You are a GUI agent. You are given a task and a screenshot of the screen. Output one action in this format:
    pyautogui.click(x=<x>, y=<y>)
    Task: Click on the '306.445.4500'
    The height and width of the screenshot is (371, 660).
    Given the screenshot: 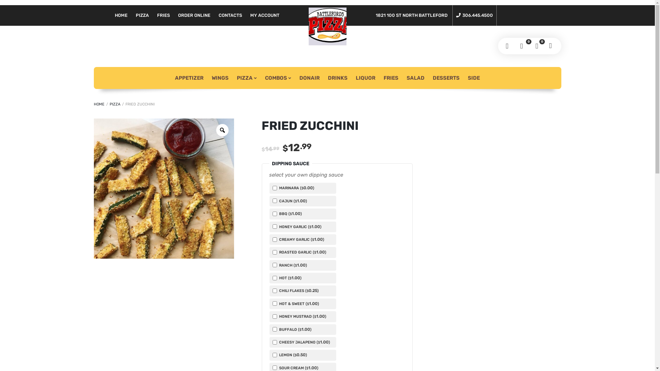 What is the action you would take?
    pyautogui.click(x=474, y=15)
    